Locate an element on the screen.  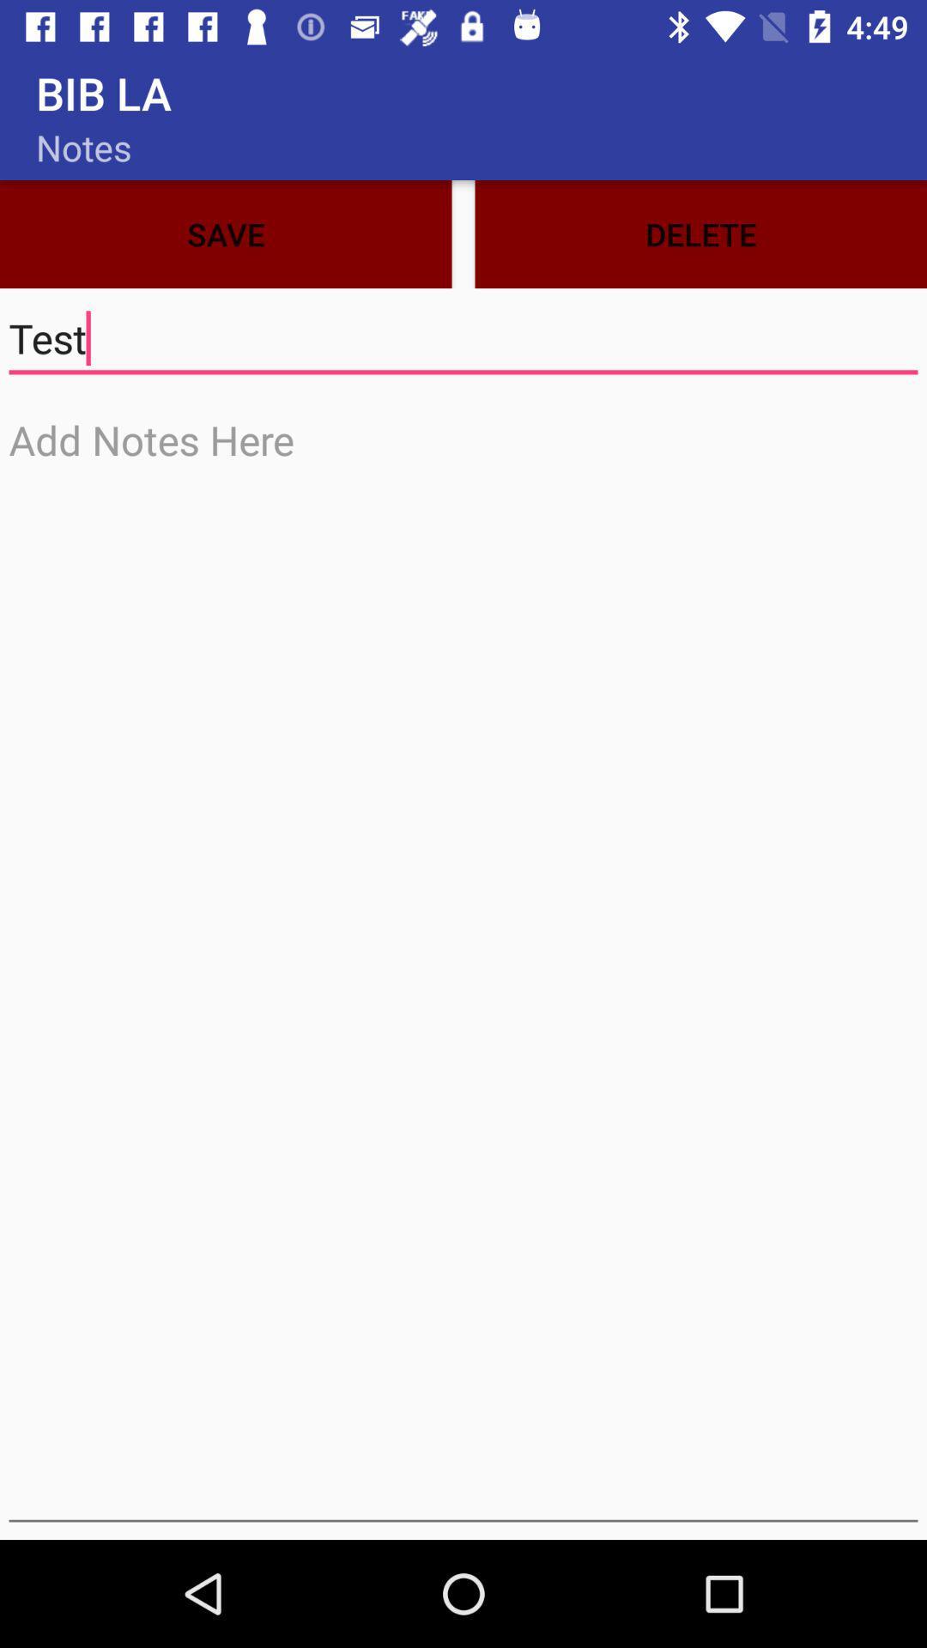
the item above test icon is located at coordinates (225, 233).